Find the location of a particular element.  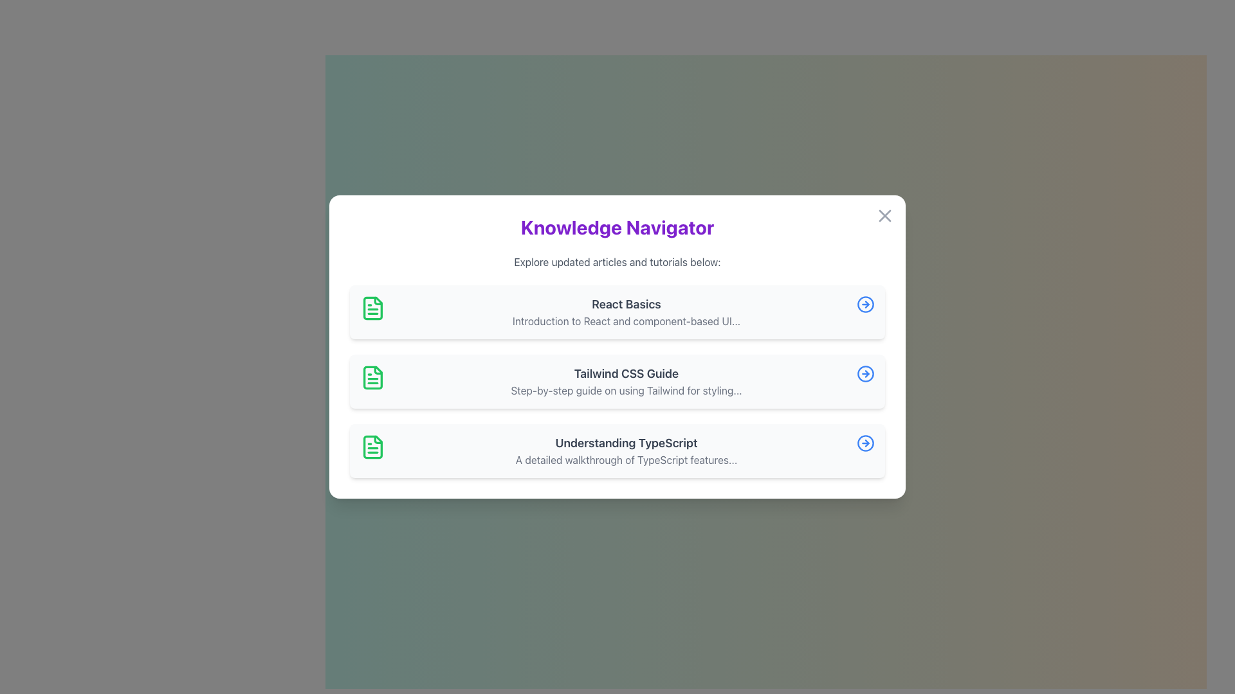

the descriptive subtitle text label located under the title 'Understanding TypeScript' in the list of educational materials is located at coordinates (627, 459).